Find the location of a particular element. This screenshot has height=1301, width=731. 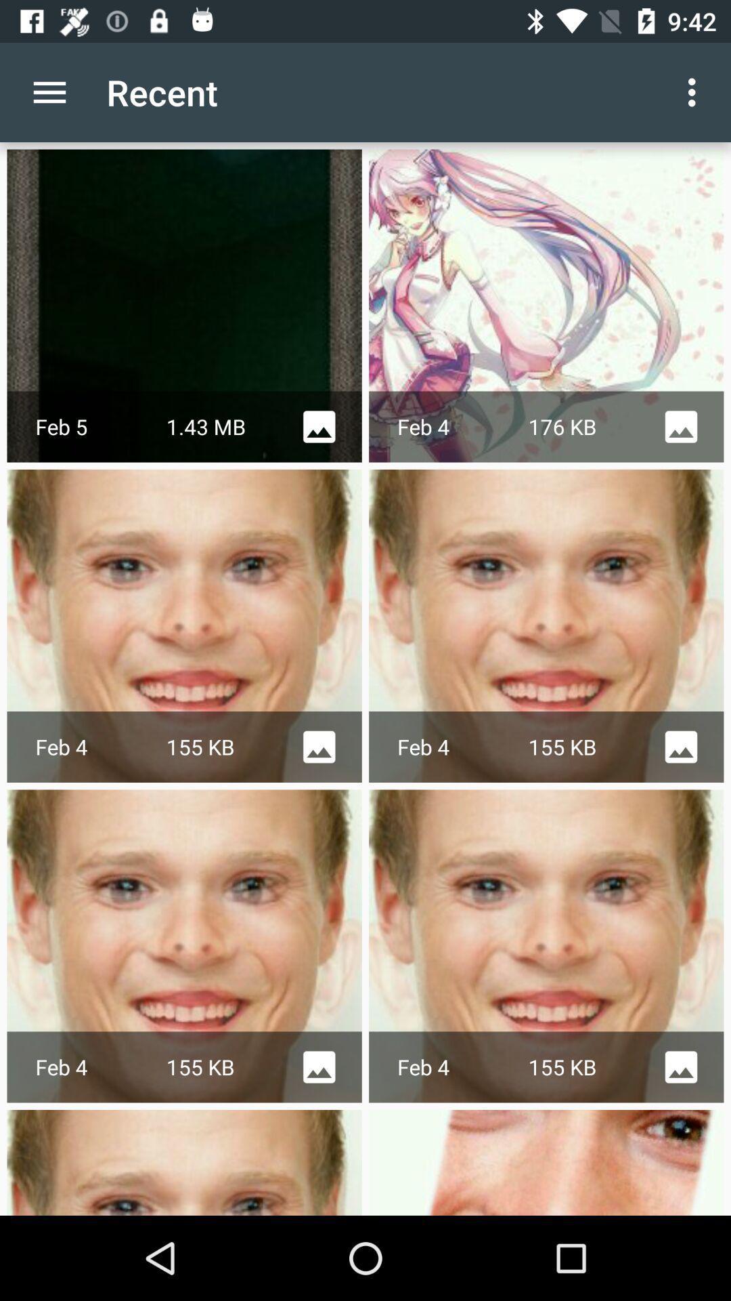

the icon to the right of the recent item is located at coordinates (695, 91).